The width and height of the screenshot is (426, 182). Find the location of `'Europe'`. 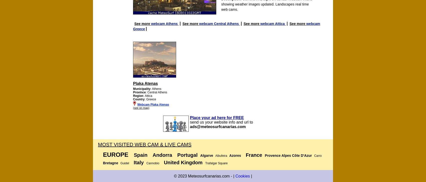

'Europe' is located at coordinates (116, 155).